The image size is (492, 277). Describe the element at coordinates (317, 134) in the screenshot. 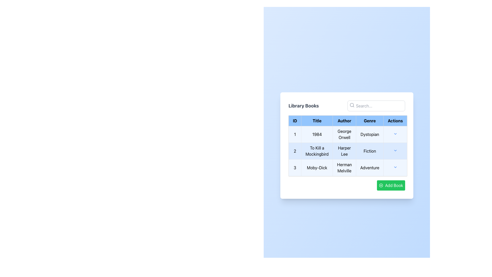

I see `the title cell of the book '1984' in the library book listing table, which is the second cell in the row and located between the cells containing '1' and 'George Orwell'` at that location.